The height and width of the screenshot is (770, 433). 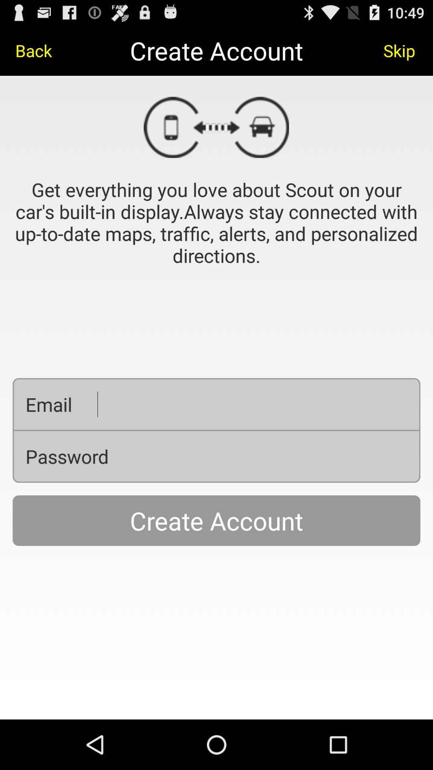 What do you see at coordinates (252, 404) in the screenshot?
I see `input email` at bounding box center [252, 404].